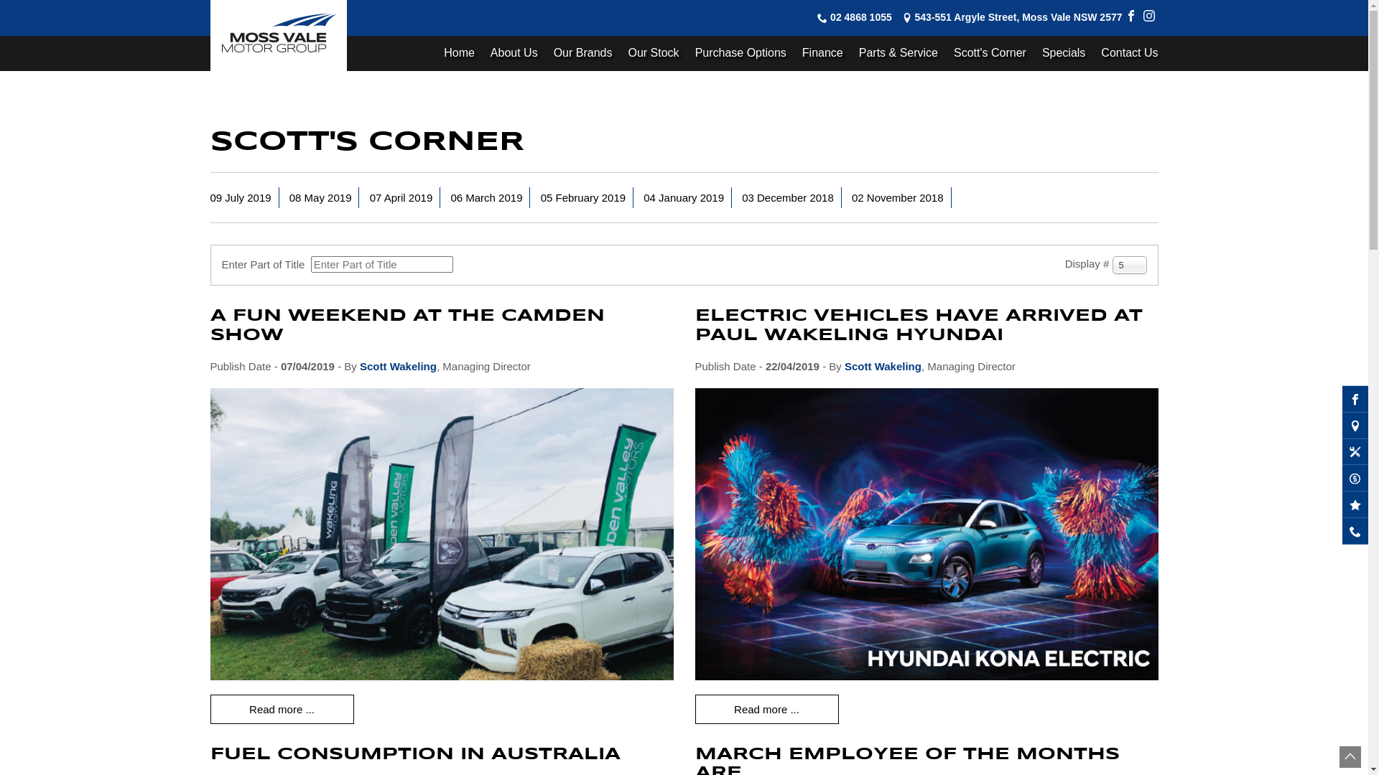  What do you see at coordinates (652, 52) in the screenshot?
I see `'Our Stock'` at bounding box center [652, 52].